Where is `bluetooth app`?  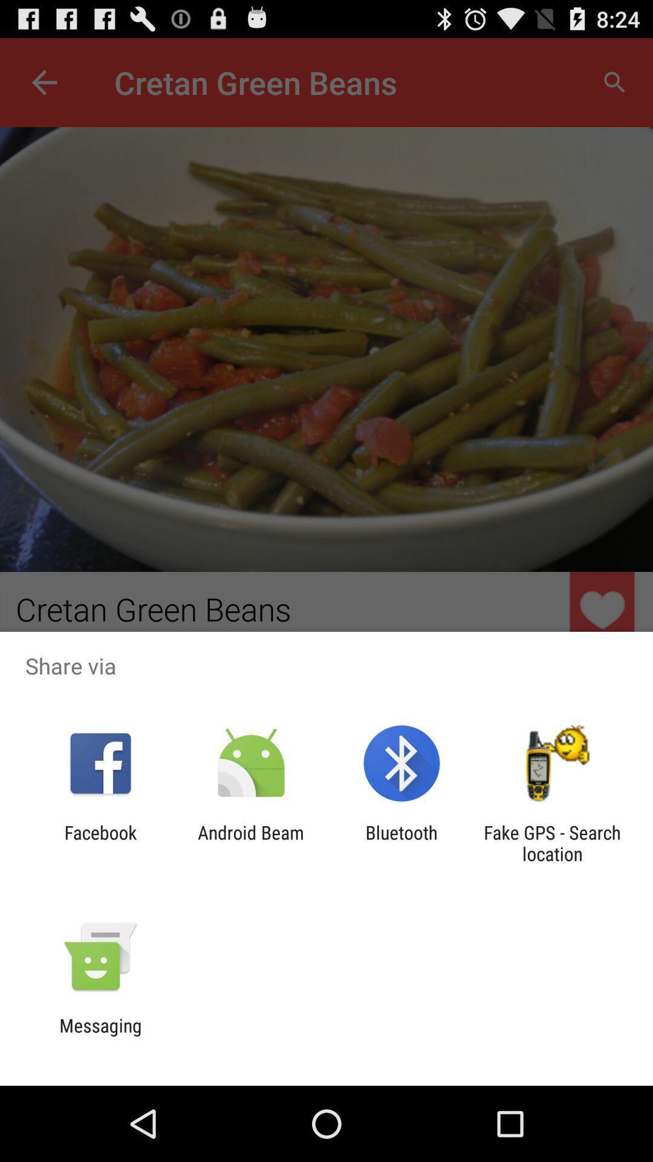 bluetooth app is located at coordinates (401, 842).